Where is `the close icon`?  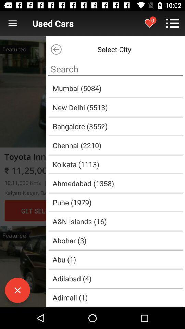 the close icon is located at coordinates (17, 290).